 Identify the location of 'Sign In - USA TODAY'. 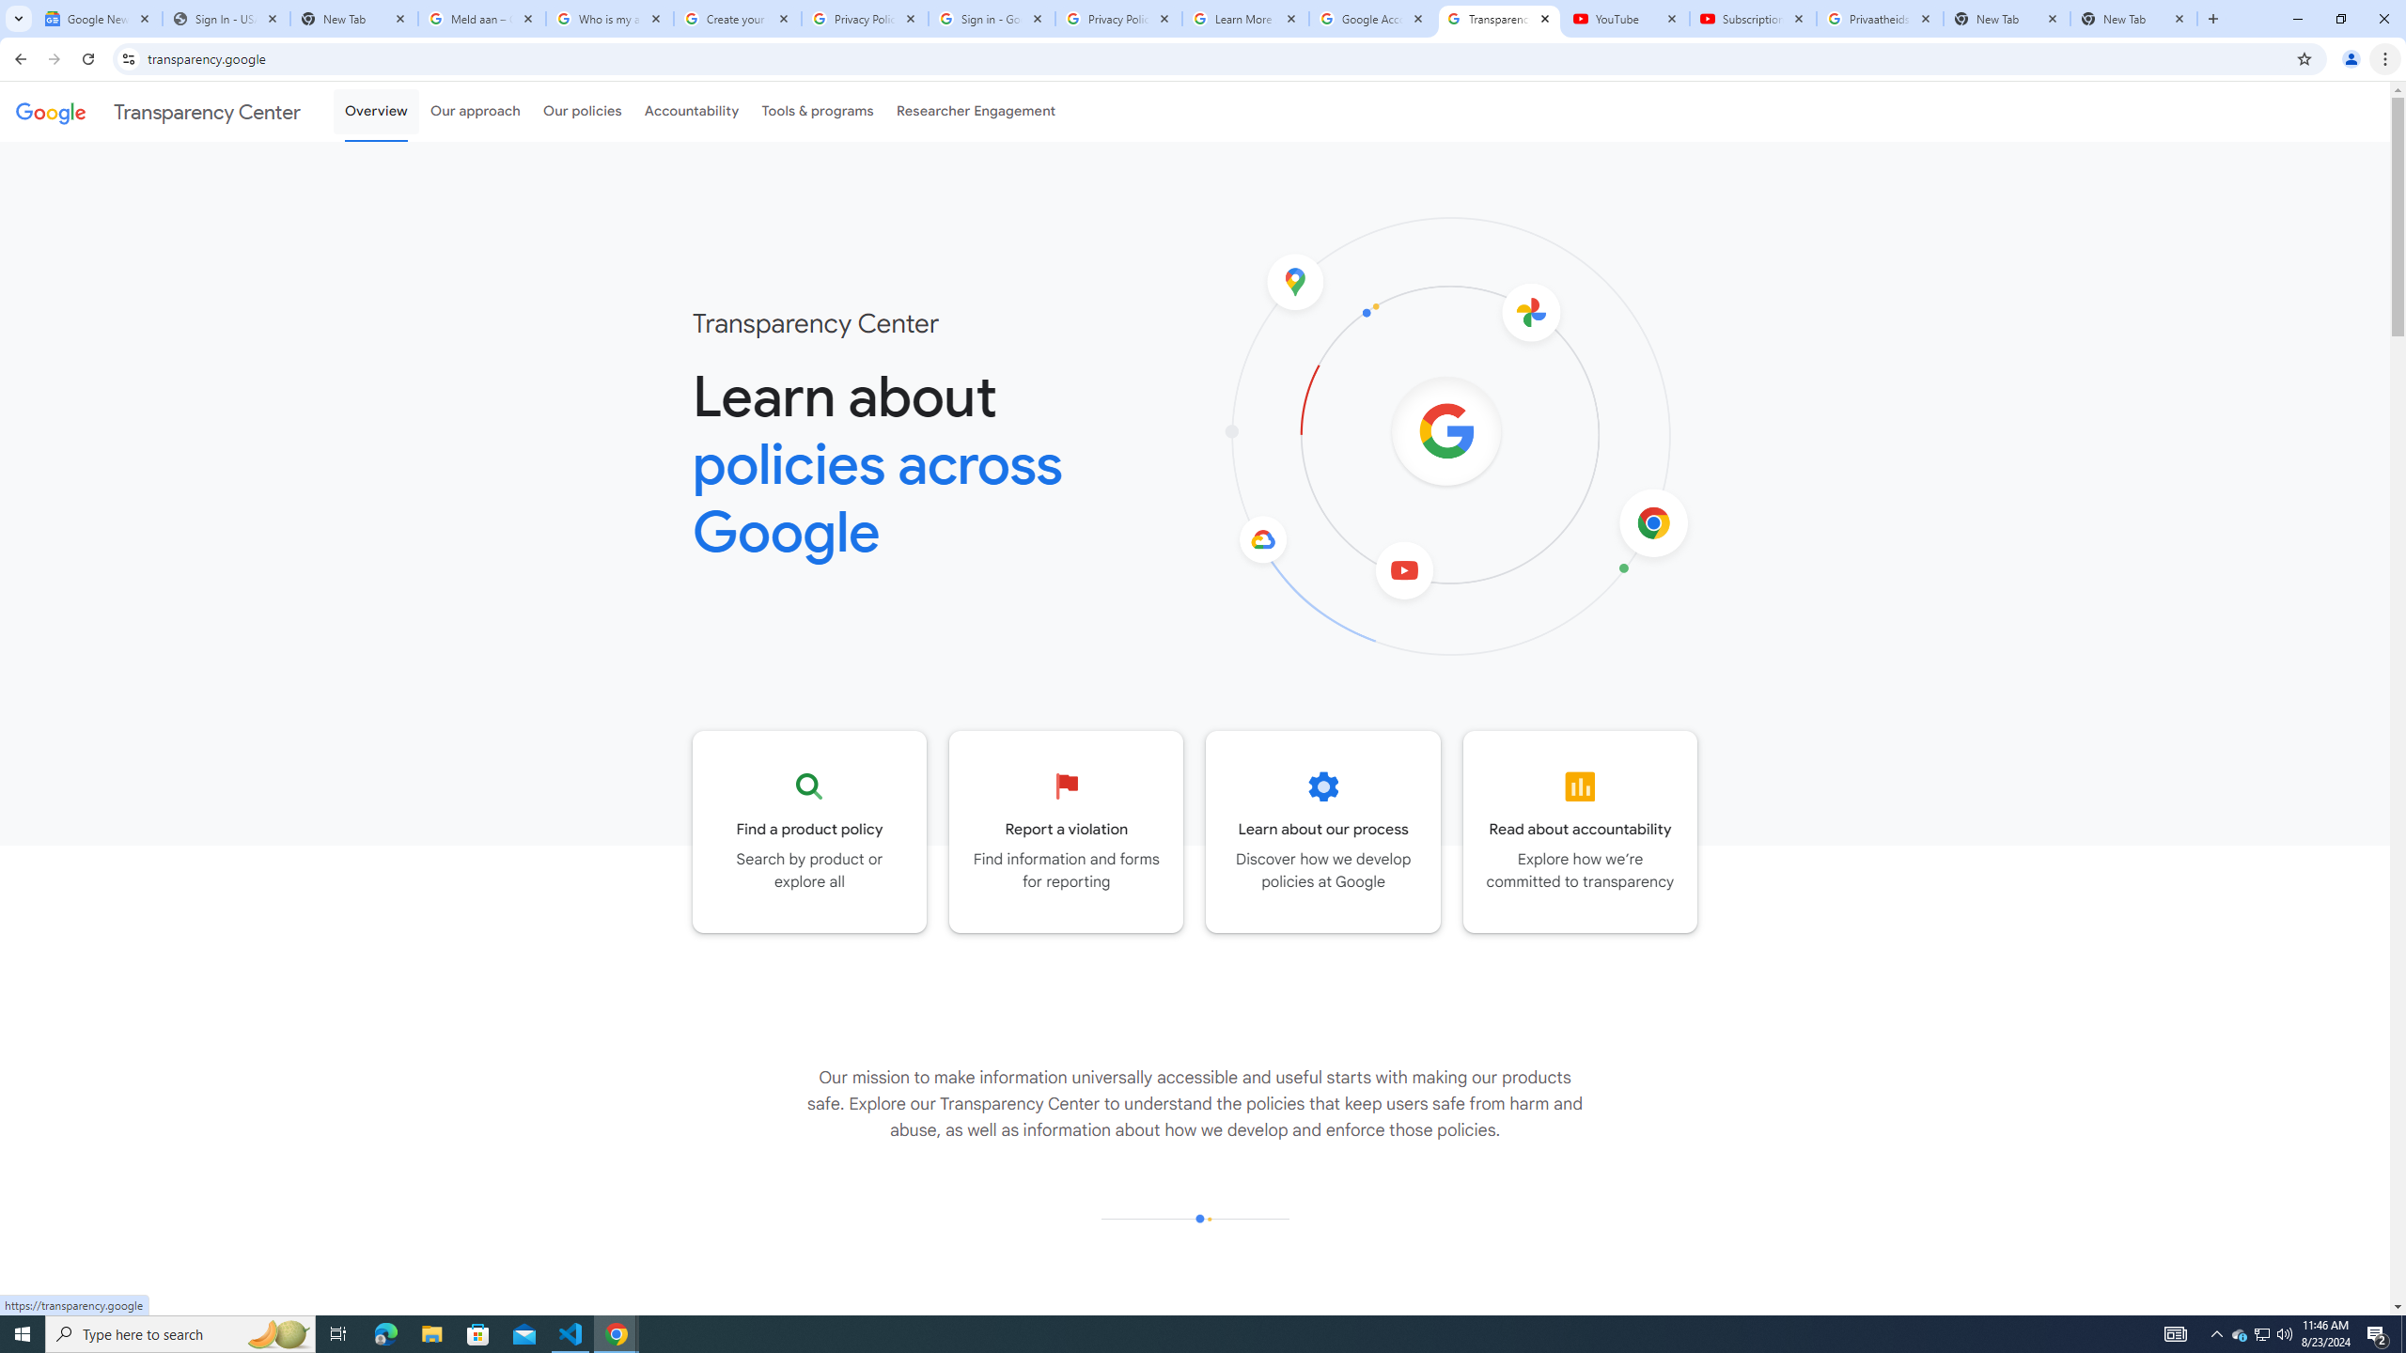
(226, 18).